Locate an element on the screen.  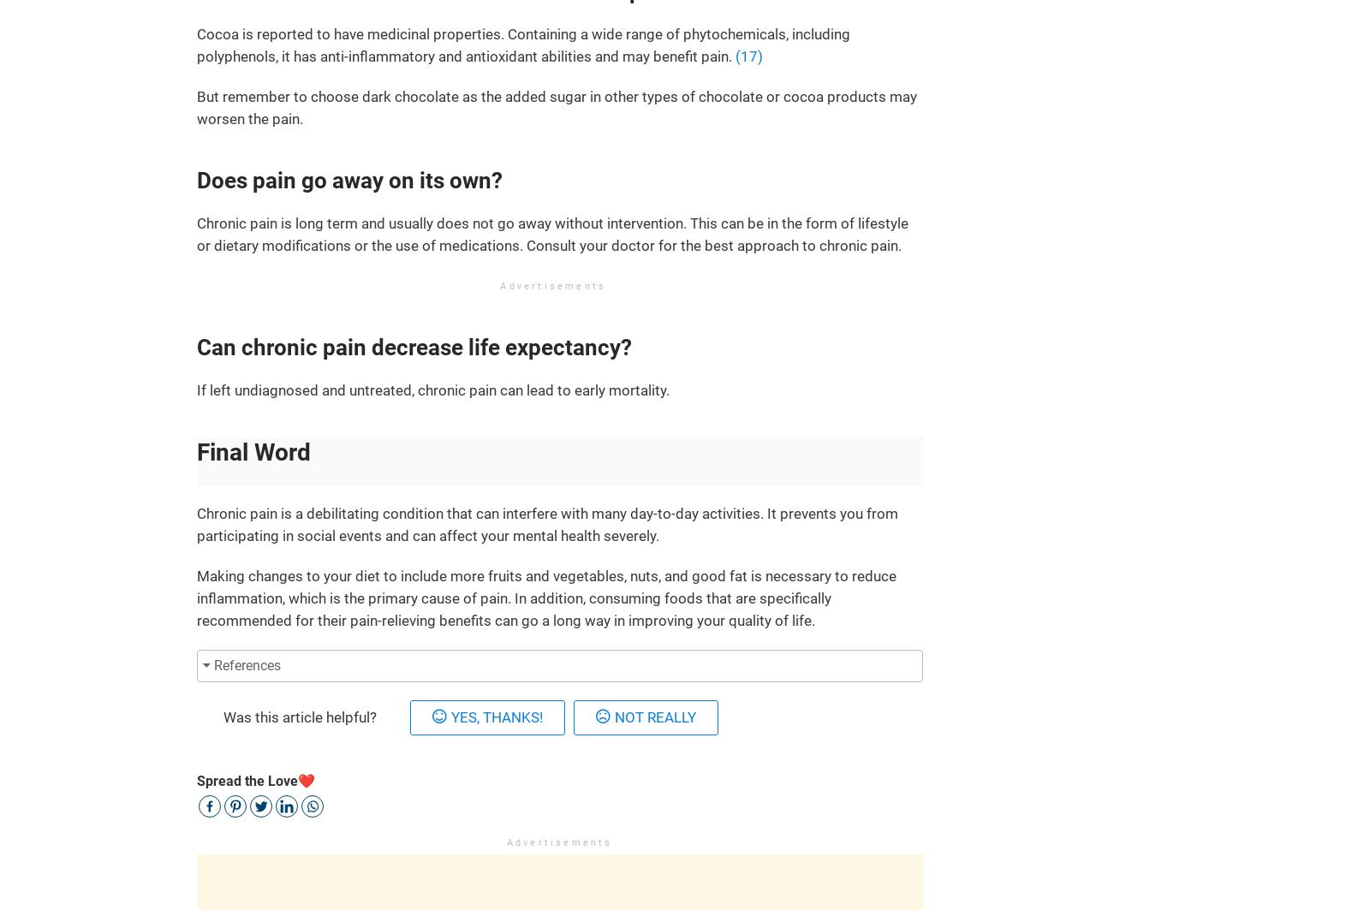
'Was this article helpful?' is located at coordinates (223, 717).